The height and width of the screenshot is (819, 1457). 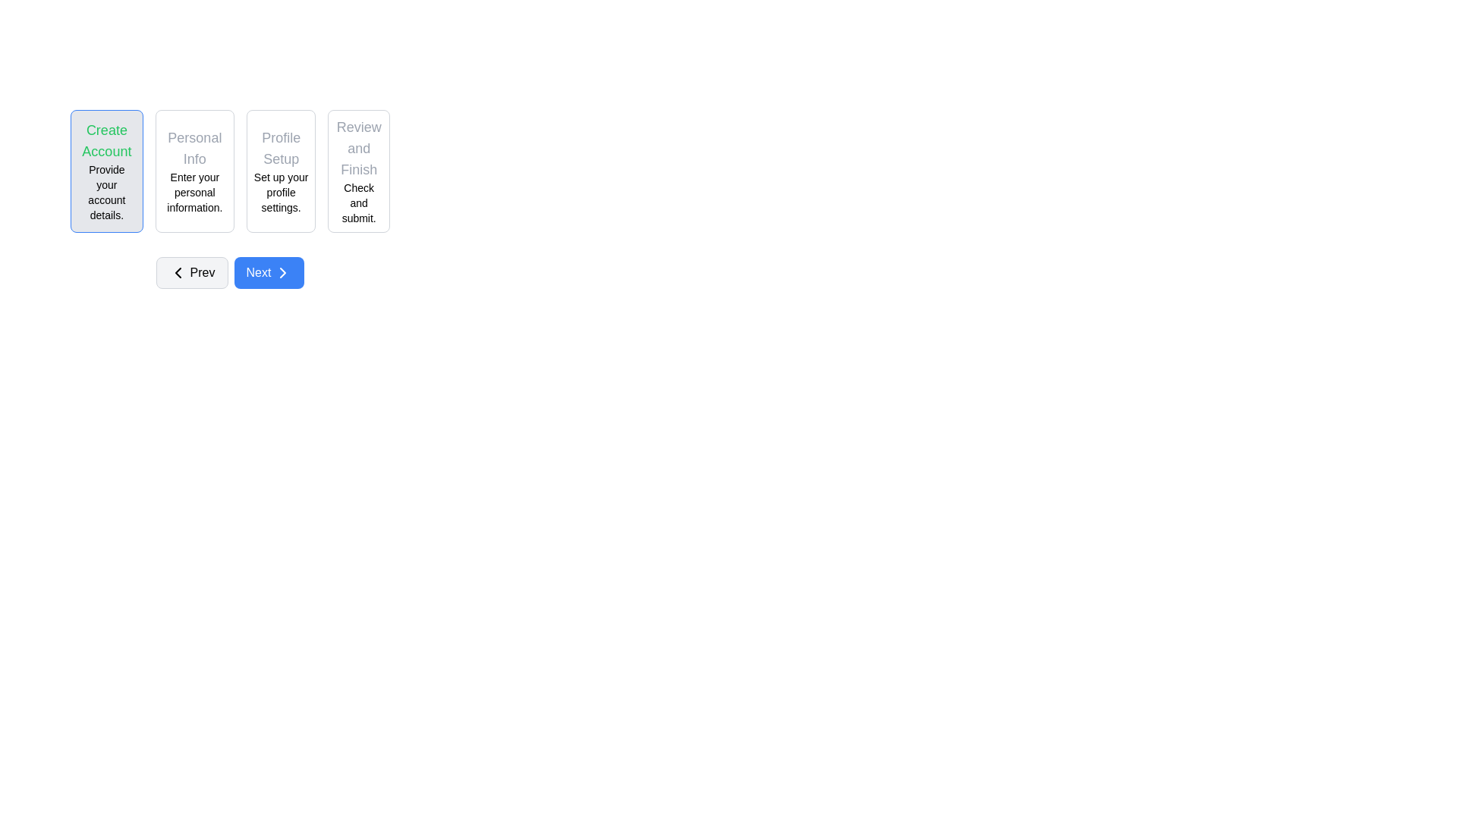 What do you see at coordinates (358, 171) in the screenshot?
I see `guidance text from the Instructional Tile displaying 'Review and Finish' and 'Check and submit.'` at bounding box center [358, 171].